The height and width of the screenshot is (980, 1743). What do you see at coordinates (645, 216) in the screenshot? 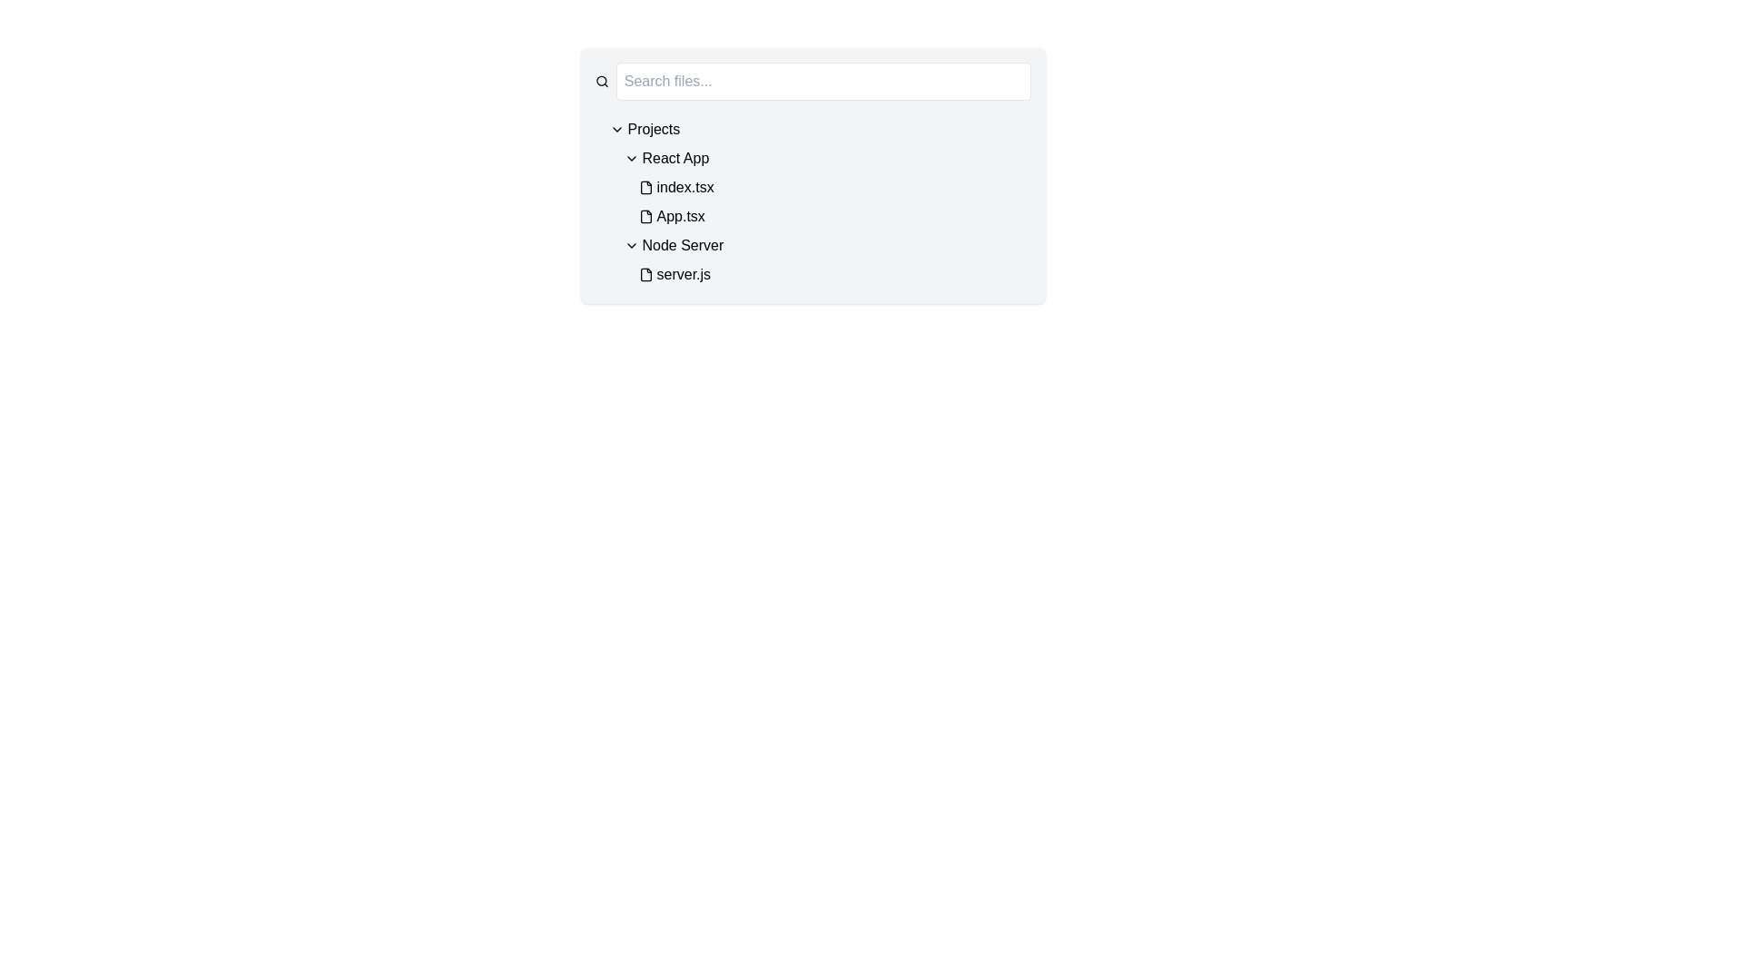
I see `the file icon representing 'App.tsx'` at bounding box center [645, 216].